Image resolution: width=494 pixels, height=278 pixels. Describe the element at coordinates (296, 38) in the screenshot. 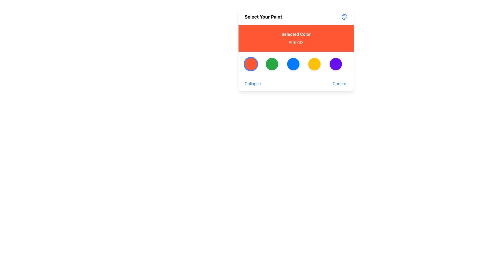

I see `the informative panel that displays the currently selected color, located centrally below the 'Select Your Paint' header and above the row of color options` at that location.